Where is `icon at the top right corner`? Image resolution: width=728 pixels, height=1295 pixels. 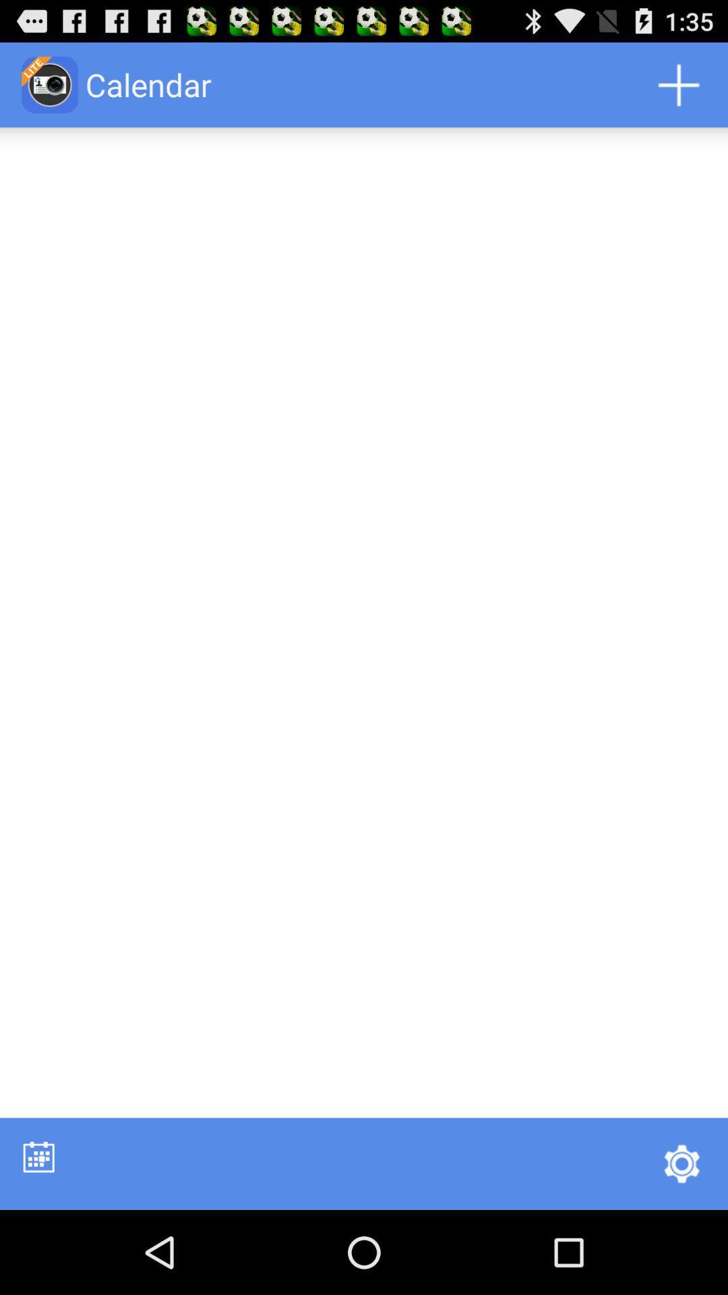 icon at the top right corner is located at coordinates (678, 84).